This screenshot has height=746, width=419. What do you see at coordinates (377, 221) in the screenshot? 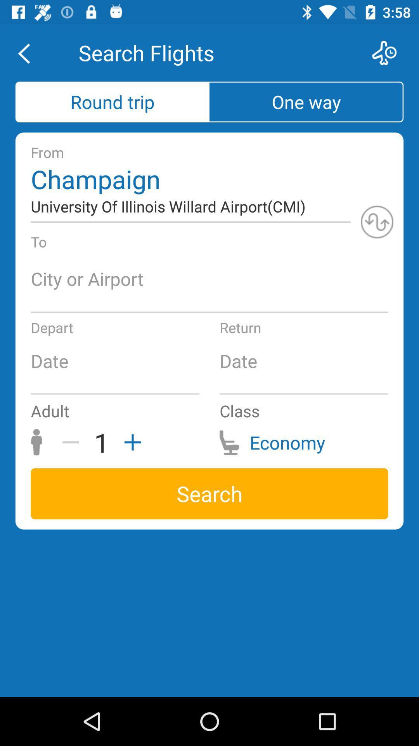
I see `refresh` at bounding box center [377, 221].